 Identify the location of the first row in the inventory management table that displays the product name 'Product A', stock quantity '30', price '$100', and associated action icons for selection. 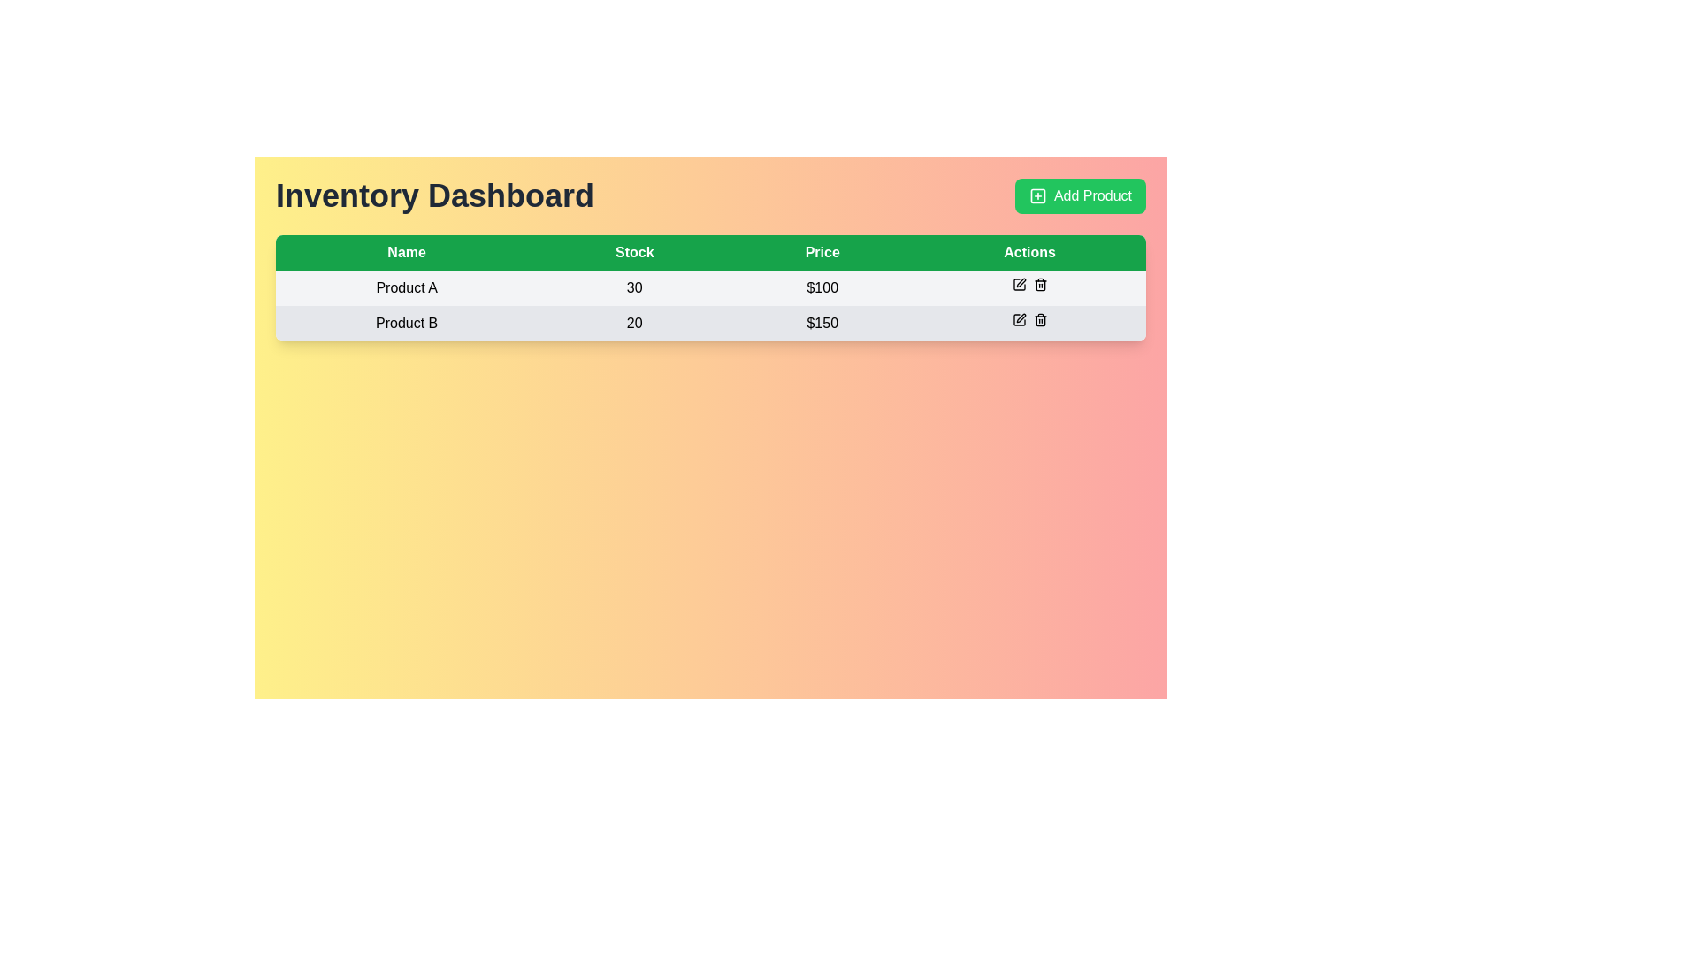
(711, 287).